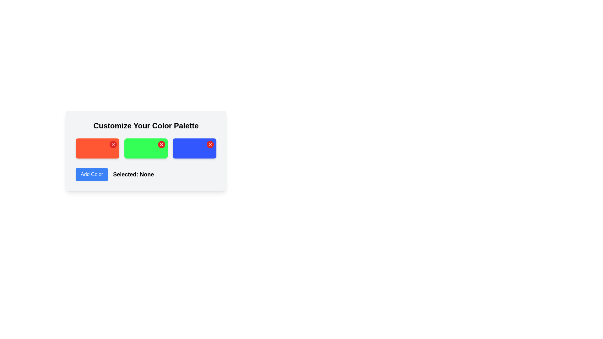  Describe the element at coordinates (146, 148) in the screenshot. I see `the vivid green button located between the red and blue rectangles, beneath the label 'Customize Your Color Palette'` at that location.